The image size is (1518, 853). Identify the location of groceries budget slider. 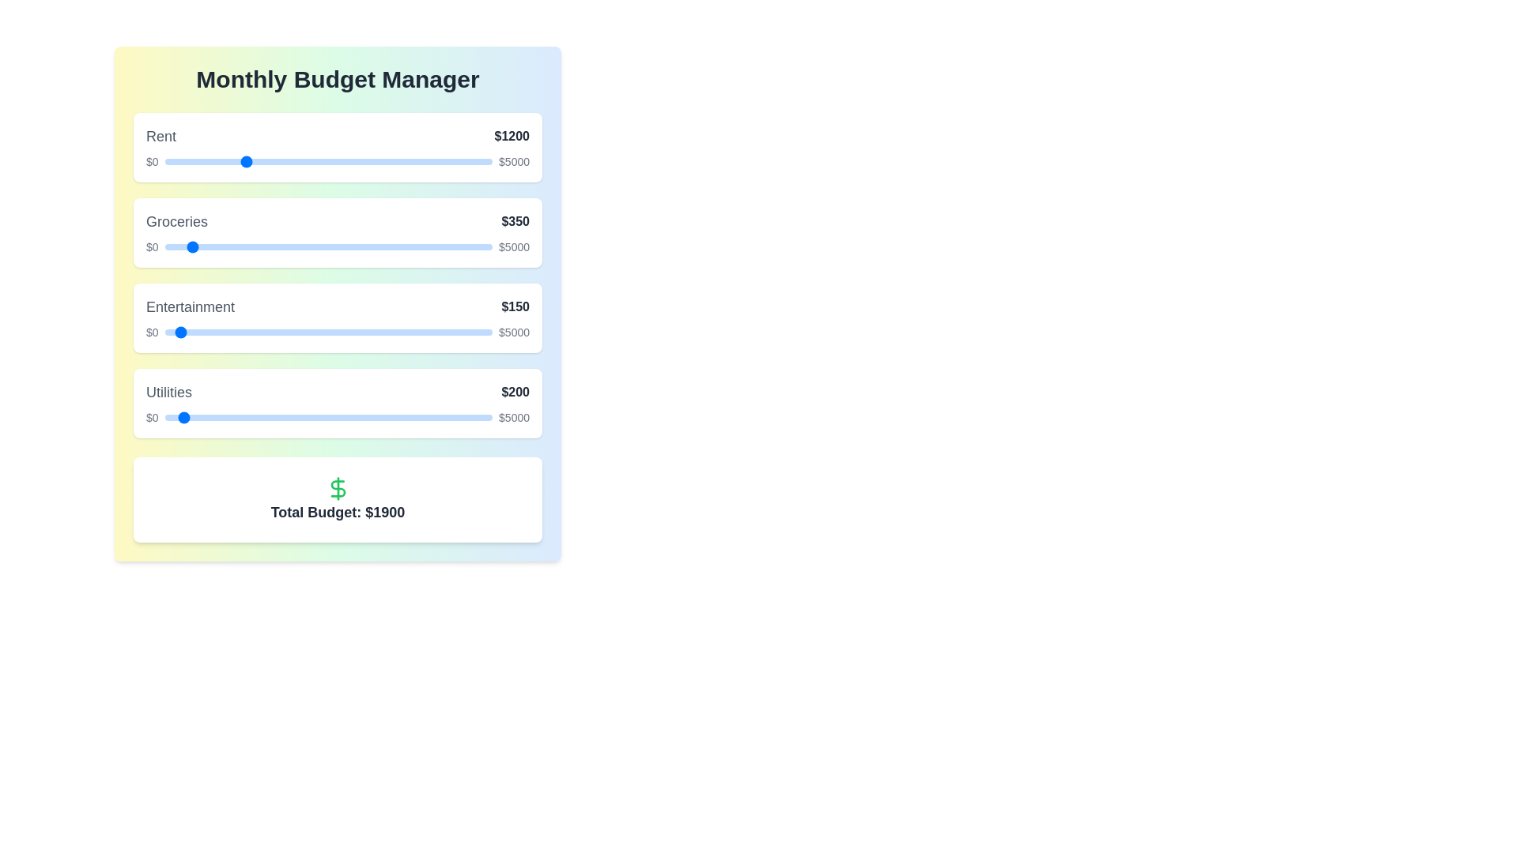
(375, 246).